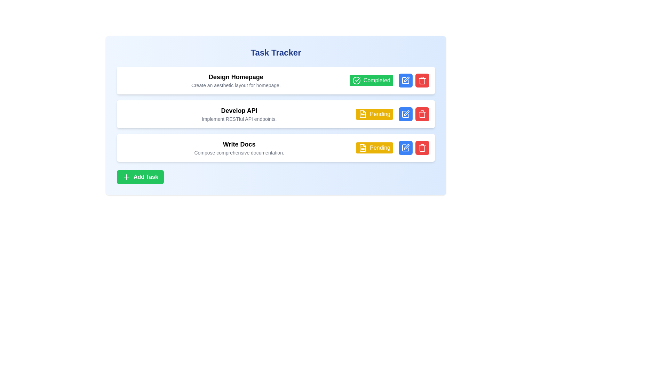  Describe the element at coordinates (236, 77) in the screenshot. I see `the 'Design Homepage' text label, which is styled prominently as the header of the first task in a vertical list` at that location.